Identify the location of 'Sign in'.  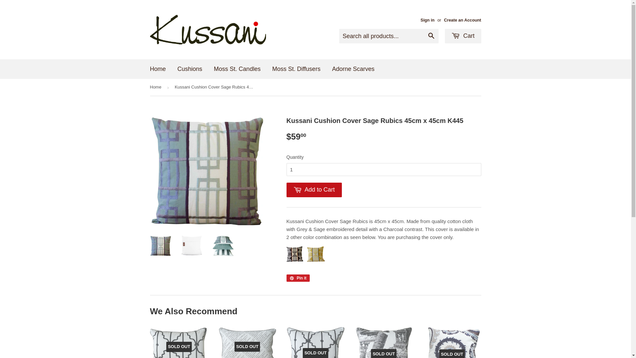
(420, 20).